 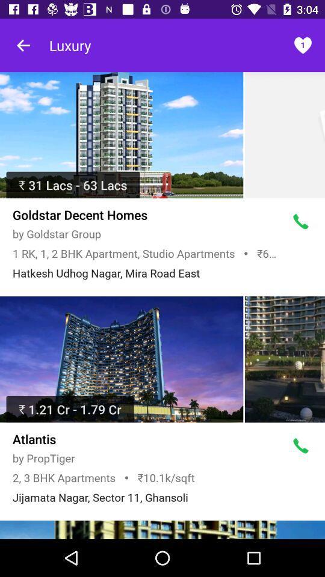 I want to click on photo, so click(x=284, y=359).